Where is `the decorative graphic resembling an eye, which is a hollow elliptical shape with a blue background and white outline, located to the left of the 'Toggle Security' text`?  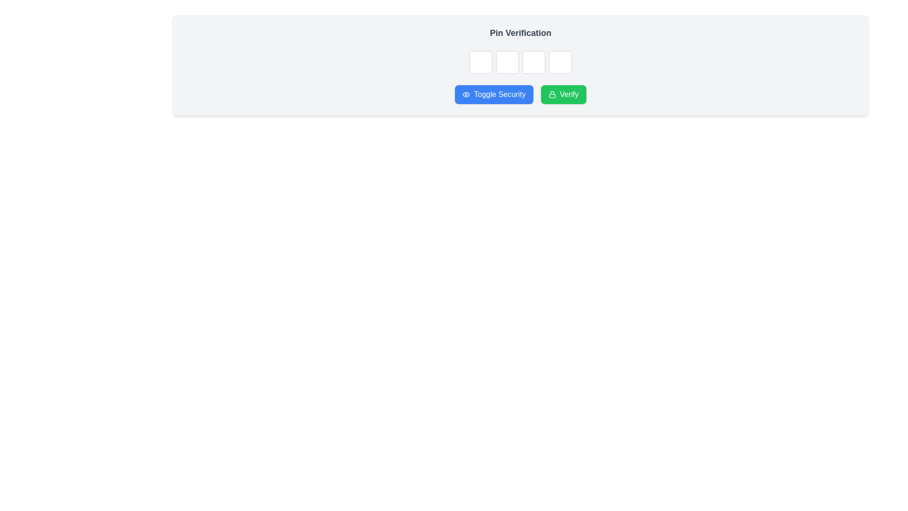 the decorative graphic resembling an eye, which is a hollow elliptical shape with a blue background and white outline, located to the left of the 'Toggle Security' text is located at coordinates (466, 95).